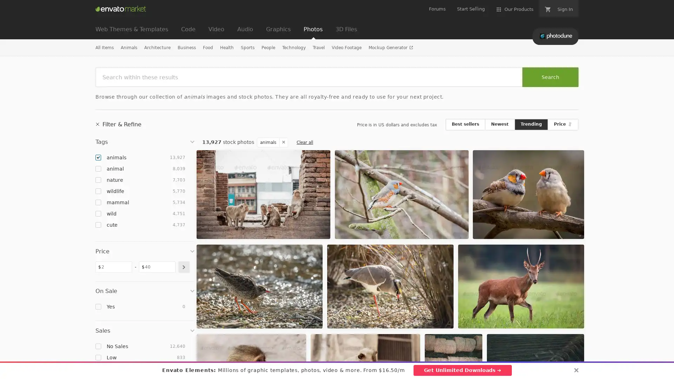  I want to click on Add to Favorites, so click(320, 159).